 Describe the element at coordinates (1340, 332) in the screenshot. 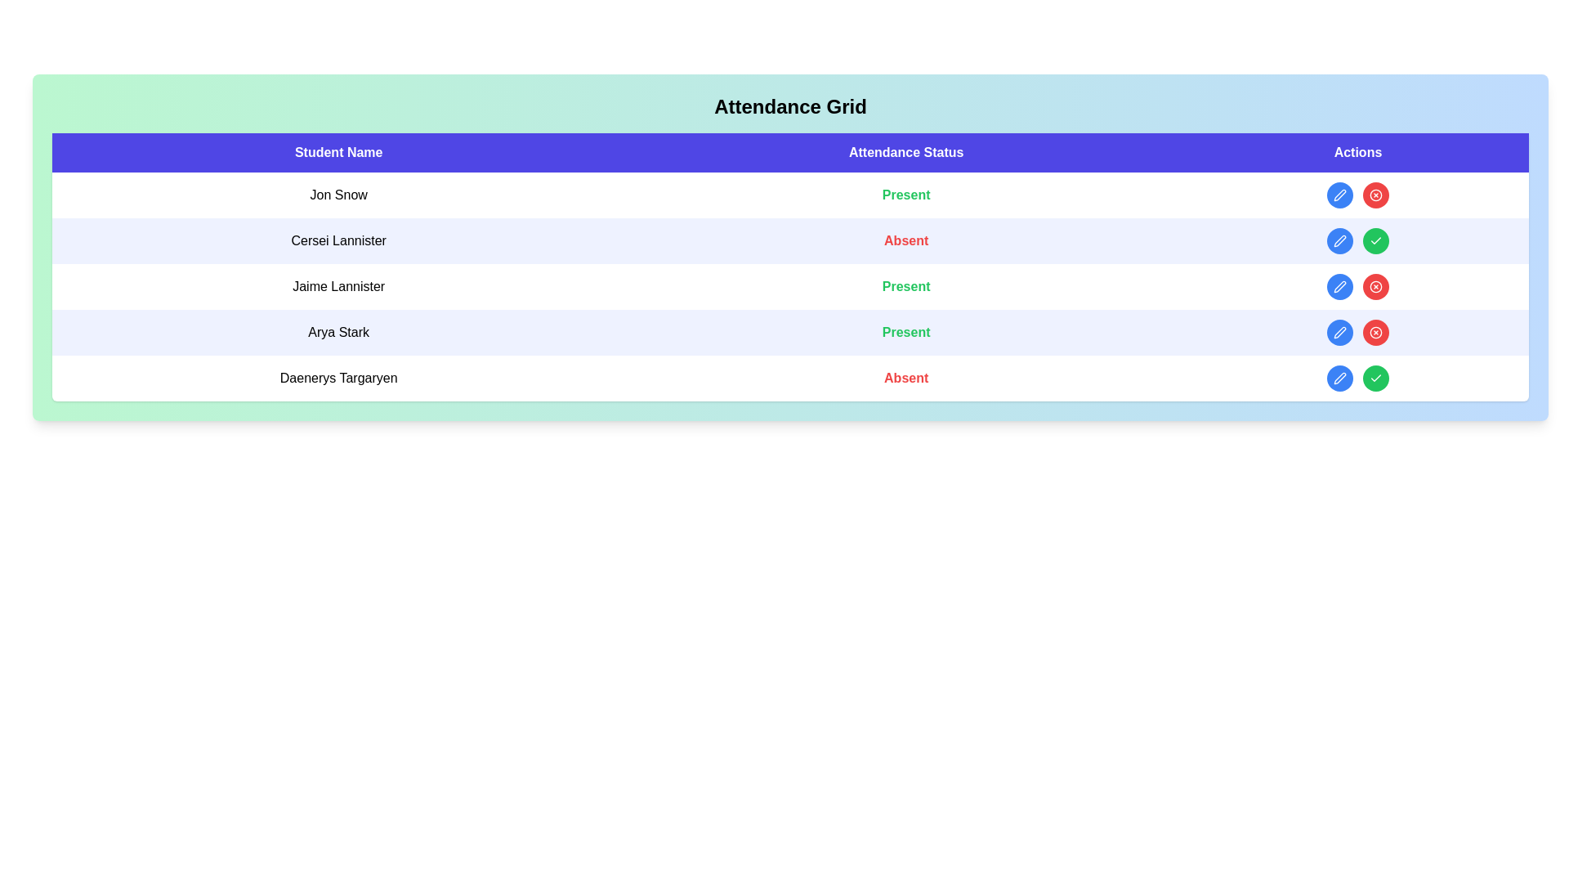

I see `edit button for the student identified by Arya Stark` at that location.